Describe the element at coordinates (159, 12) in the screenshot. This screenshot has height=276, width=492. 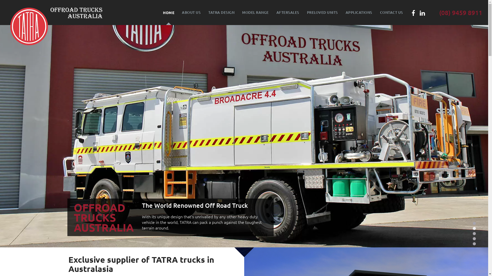
I see `'HOME'` at that location.